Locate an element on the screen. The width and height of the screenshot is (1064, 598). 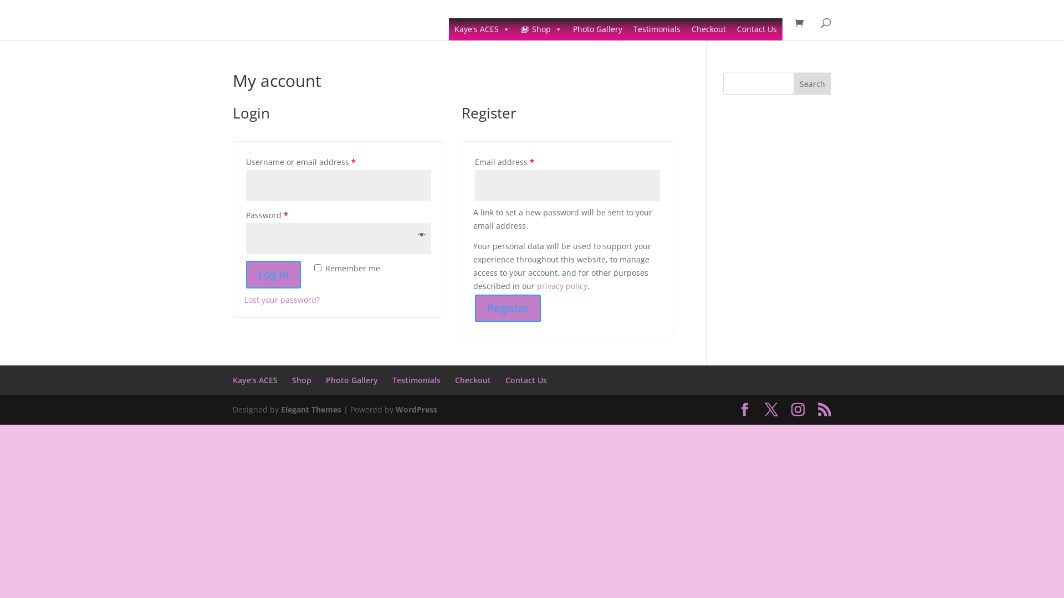
'Search' is located at coordinates (792, 83).